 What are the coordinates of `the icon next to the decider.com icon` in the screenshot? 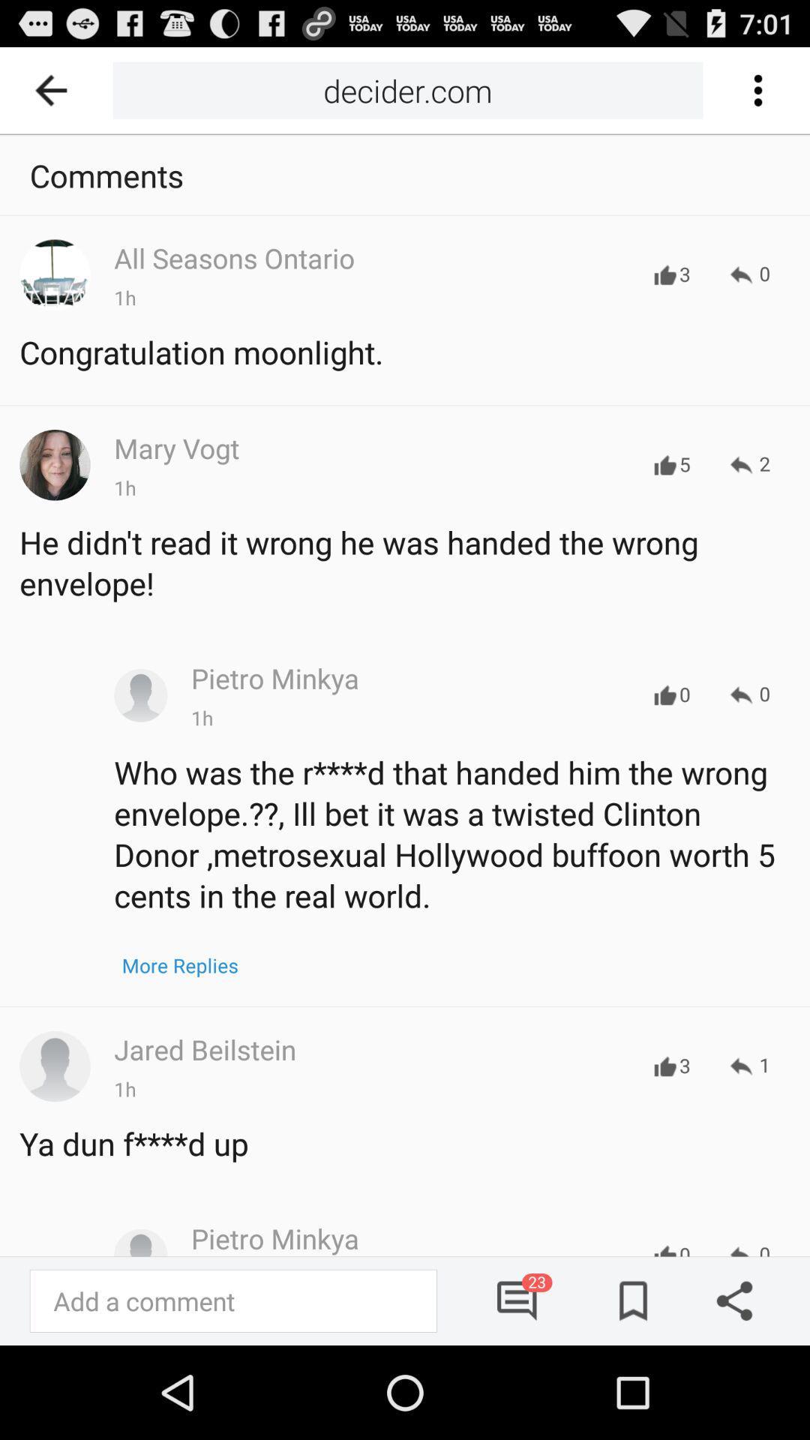 It's located at (55, 89).